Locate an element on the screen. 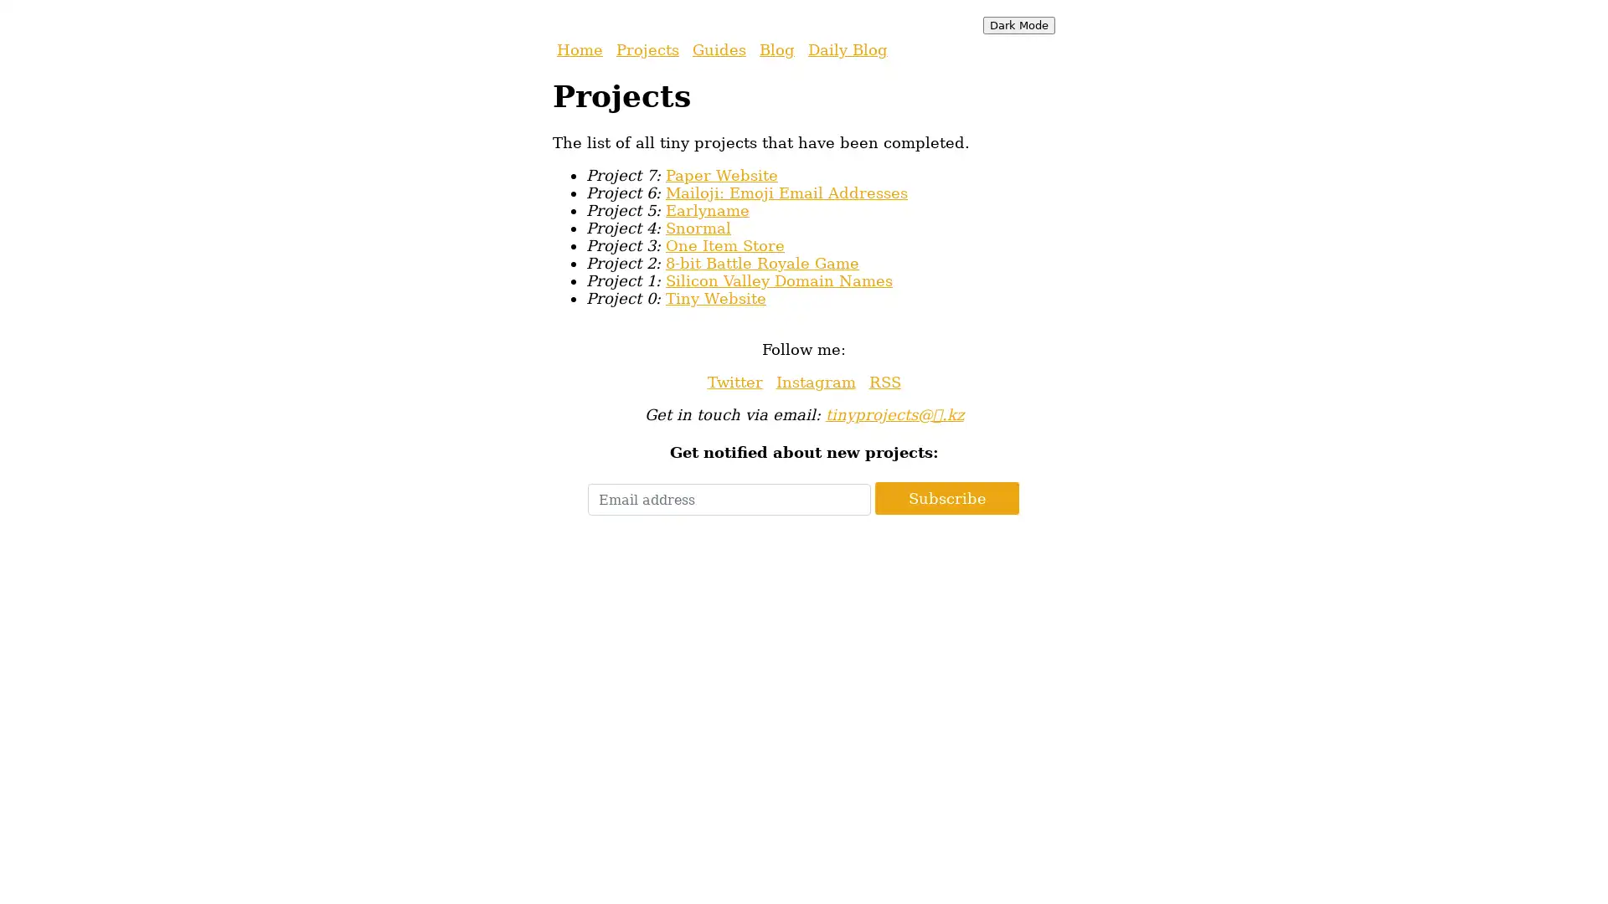  Subscribe is located at coordinates (947, 497).